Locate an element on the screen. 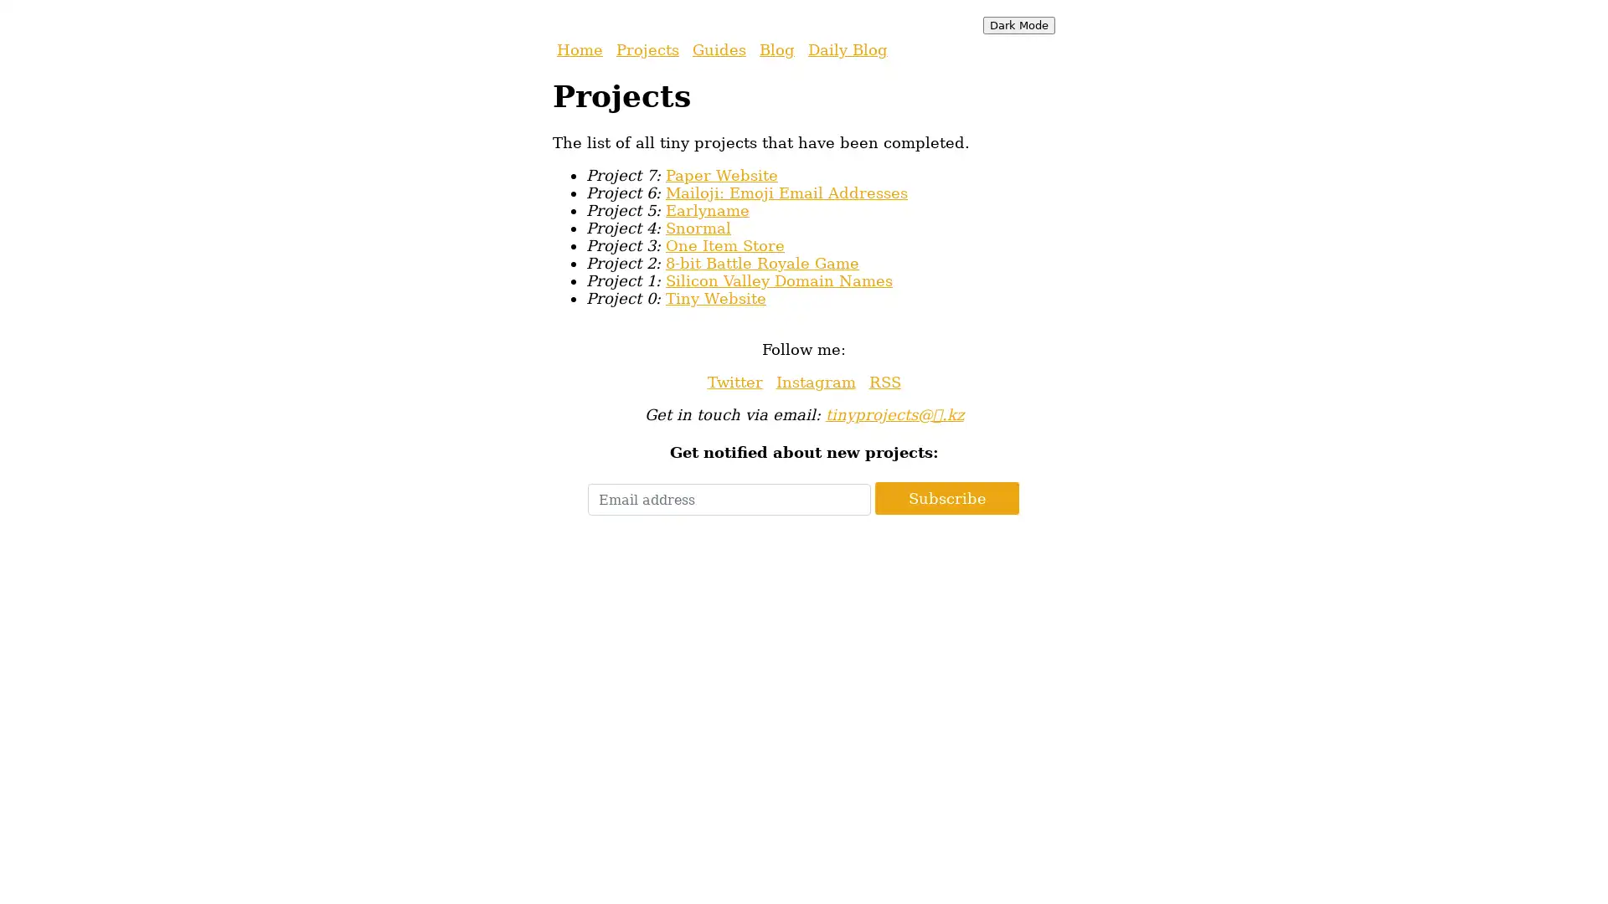  Subscribe is located at coordinates (947, 497).